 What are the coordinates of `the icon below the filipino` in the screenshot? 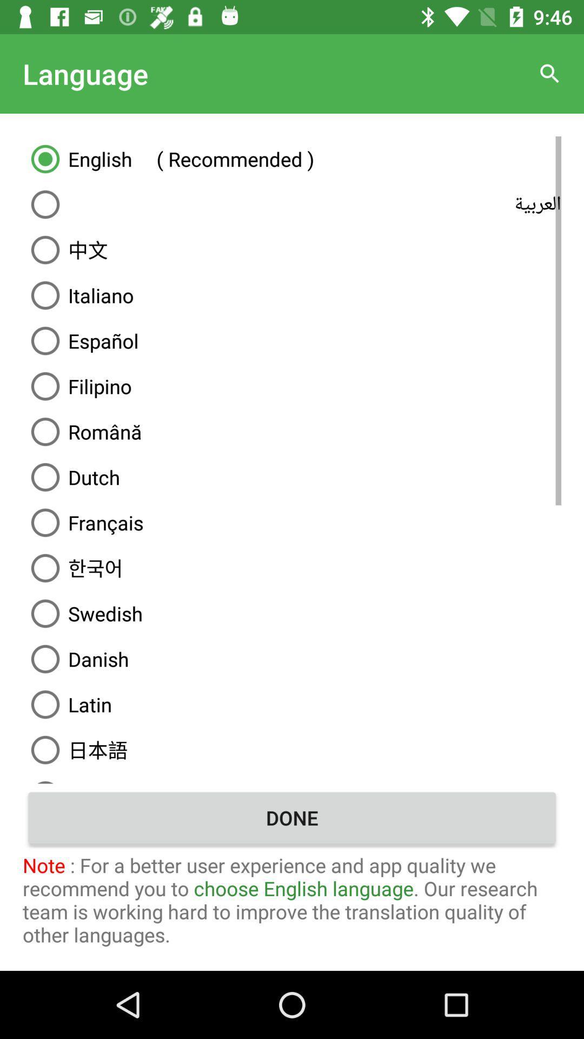 It's located at (292, 431).